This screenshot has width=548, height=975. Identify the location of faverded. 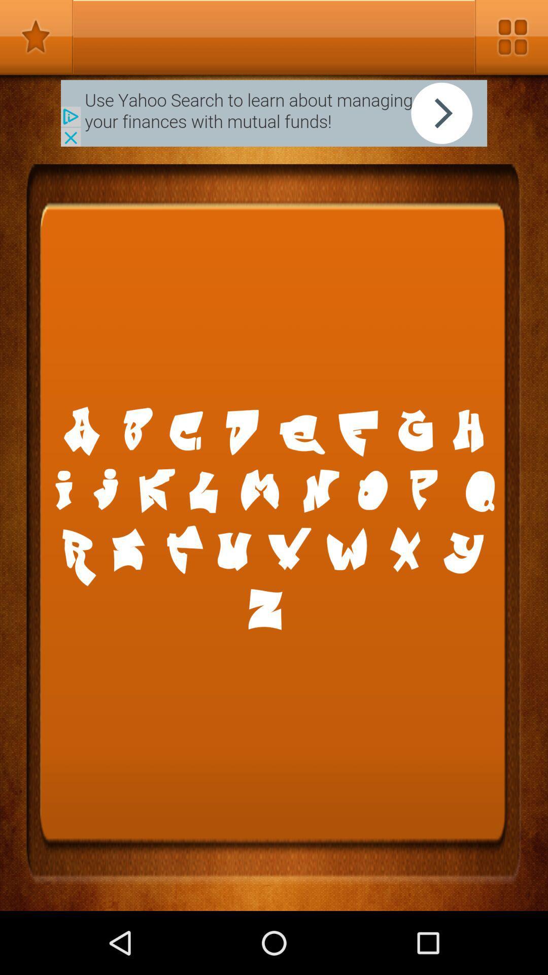
(36, 37).